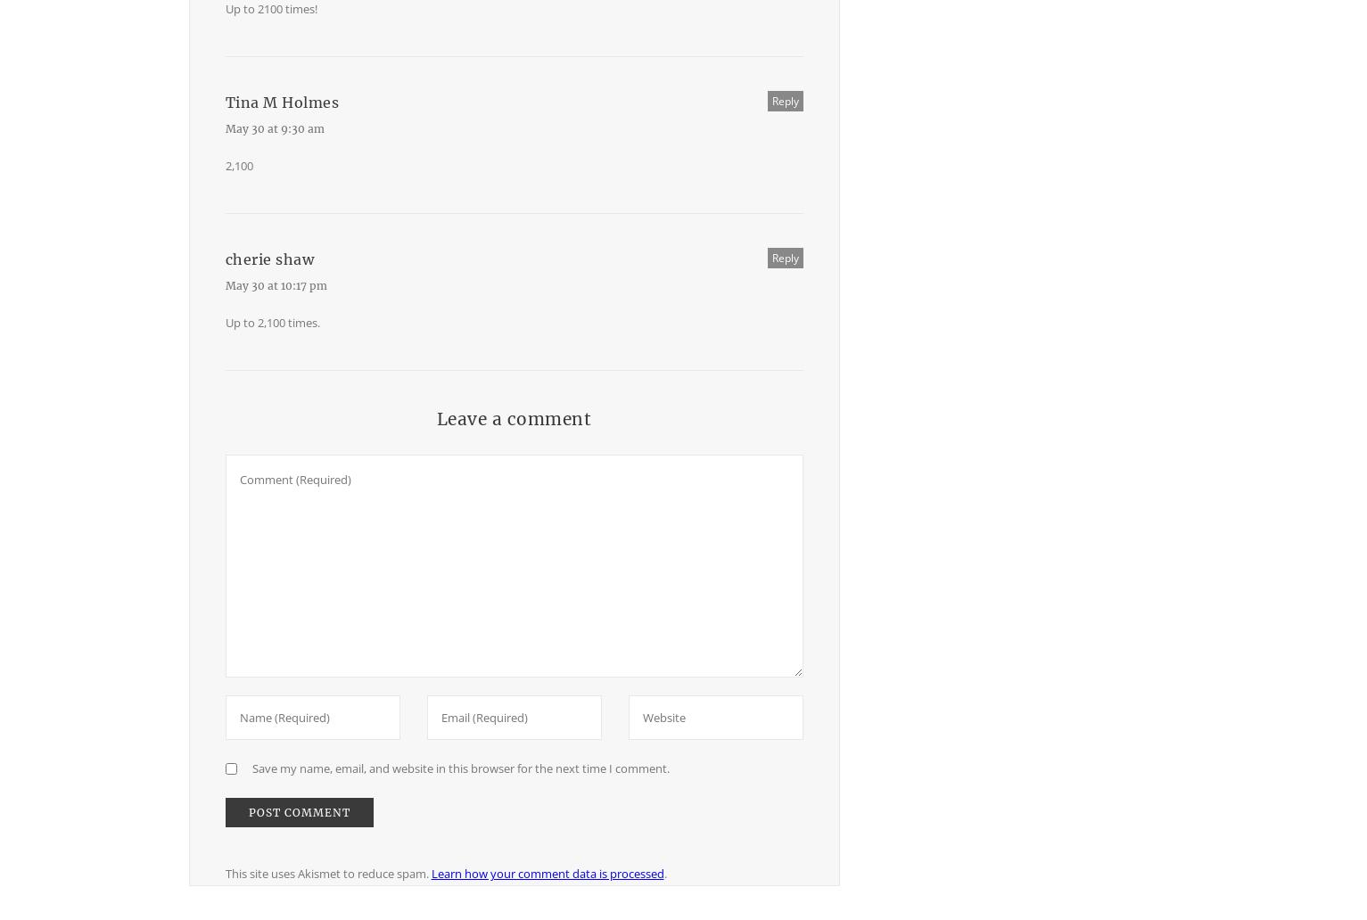 The width and height of the screenshot is (1367, 920). Describe the element at coordinates (225, 285) in the screenshot. I see `'May 30 at 10:17 pm'` at that location.